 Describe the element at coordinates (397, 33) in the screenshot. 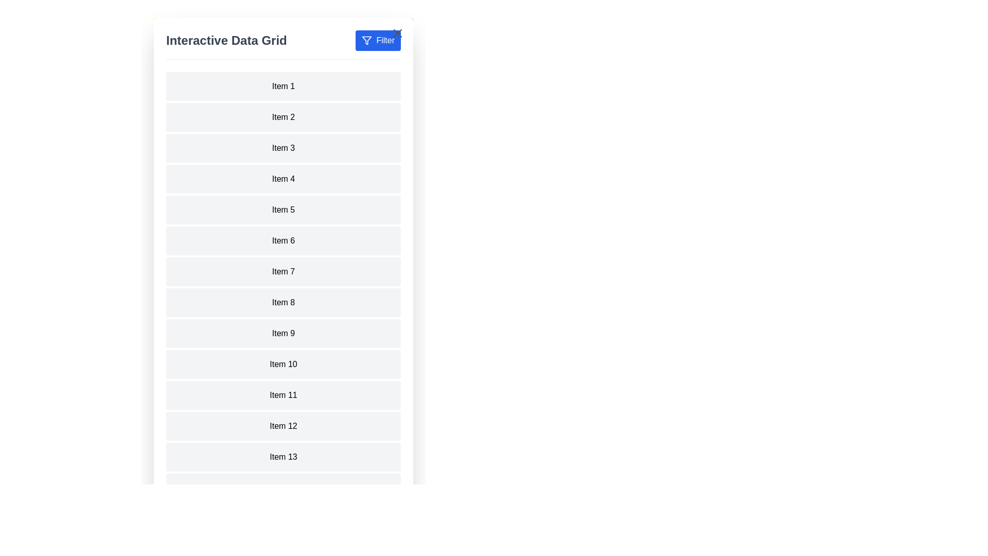

I see `close button to dismiss the dialog` at that location.